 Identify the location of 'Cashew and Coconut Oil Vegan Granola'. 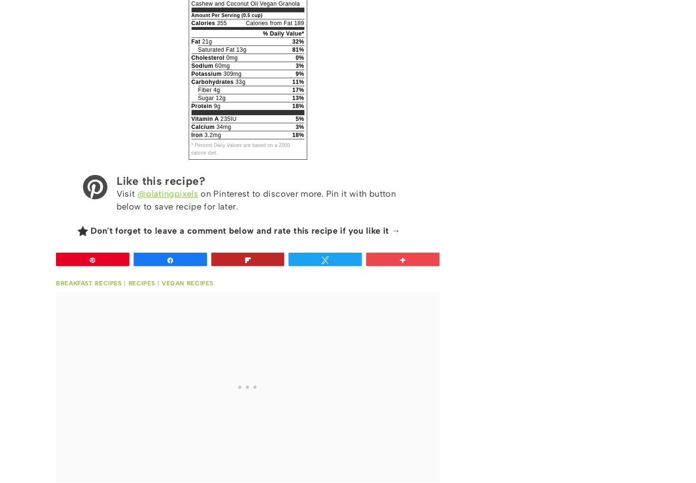
(245, 3).